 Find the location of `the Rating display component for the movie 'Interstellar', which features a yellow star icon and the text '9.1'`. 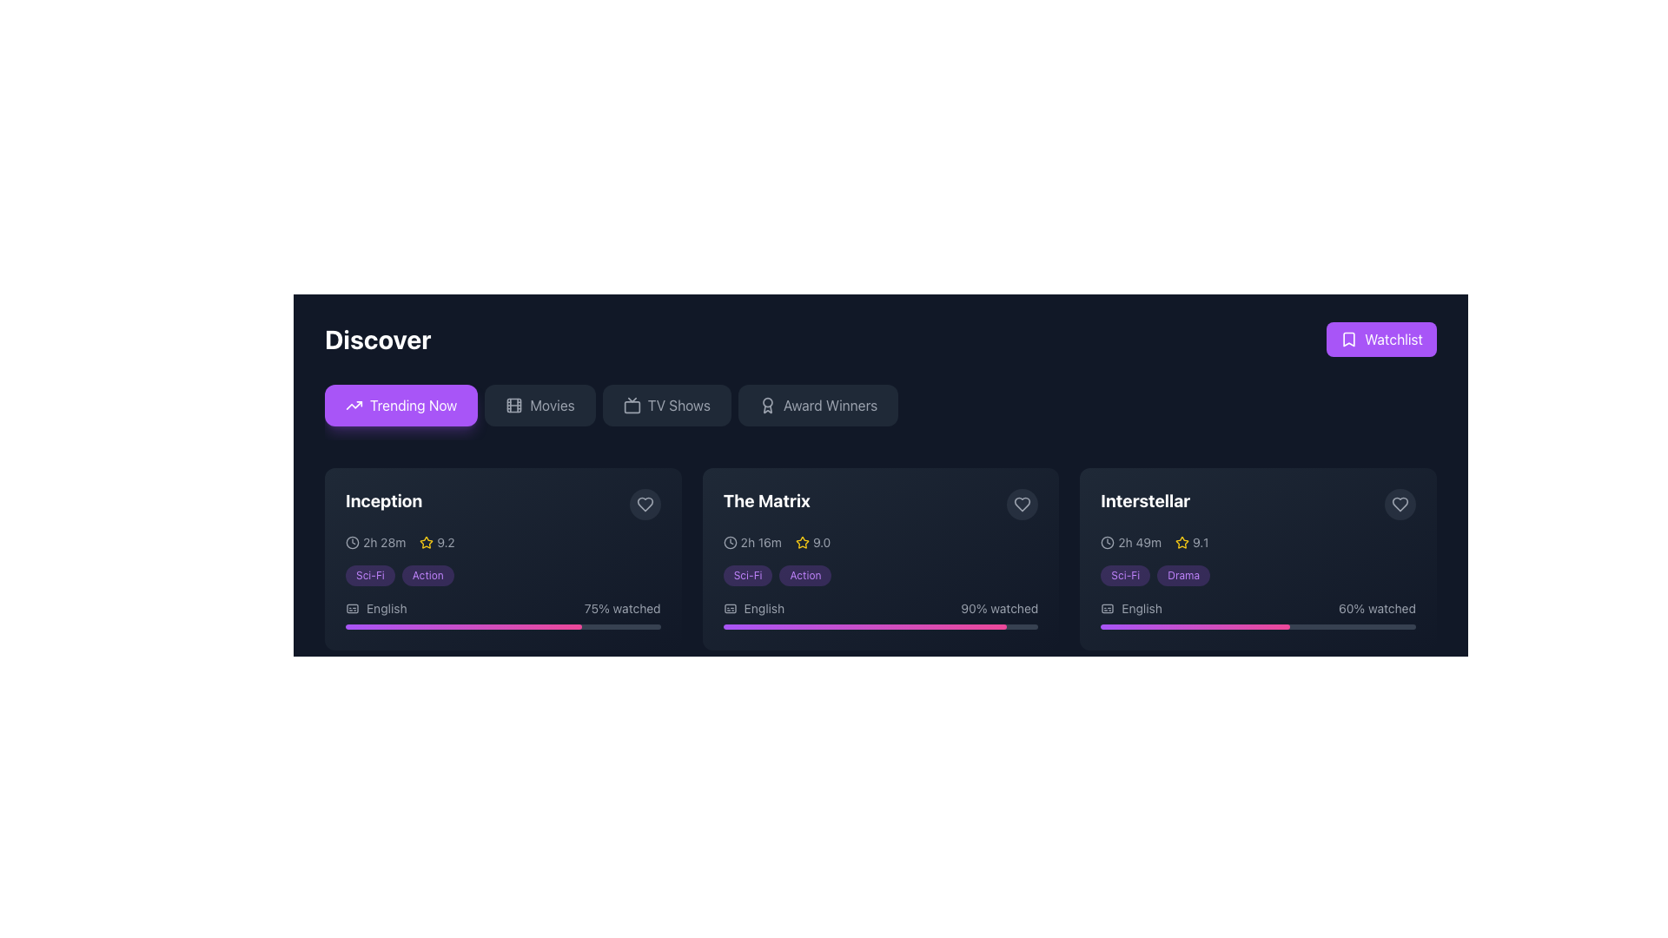

the Rating display component for the movie 'Interstellar', which features a yellow star icon and the text '9.1' is located at coordinates (1191, 541).